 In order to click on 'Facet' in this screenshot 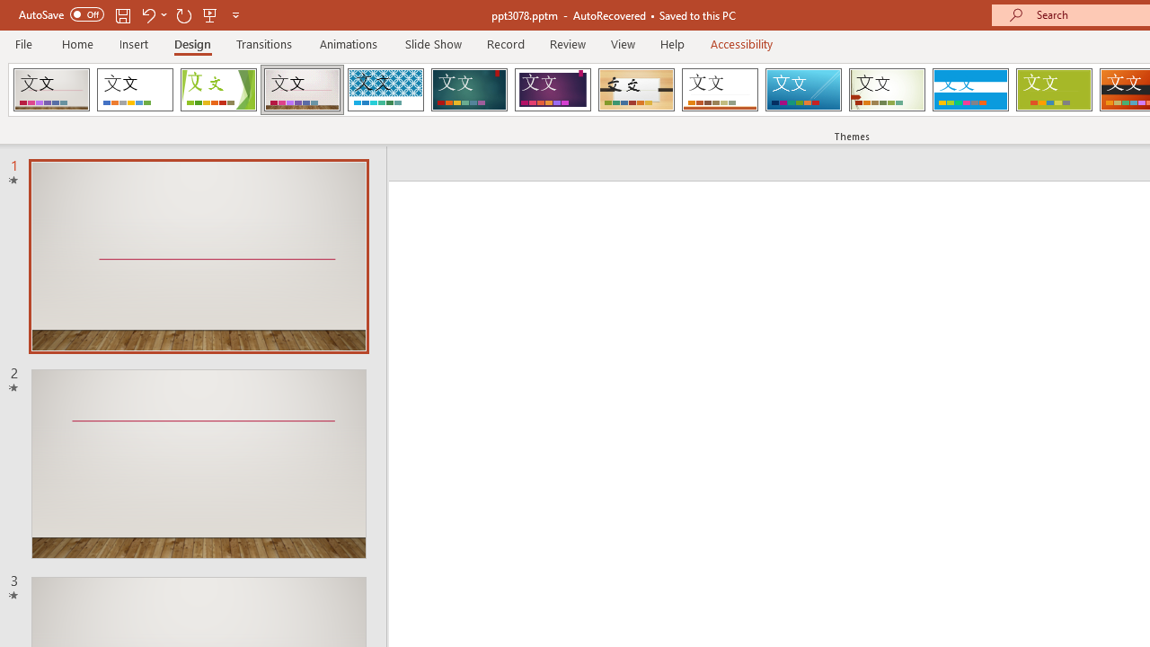, I will do `click(217, 90)`.